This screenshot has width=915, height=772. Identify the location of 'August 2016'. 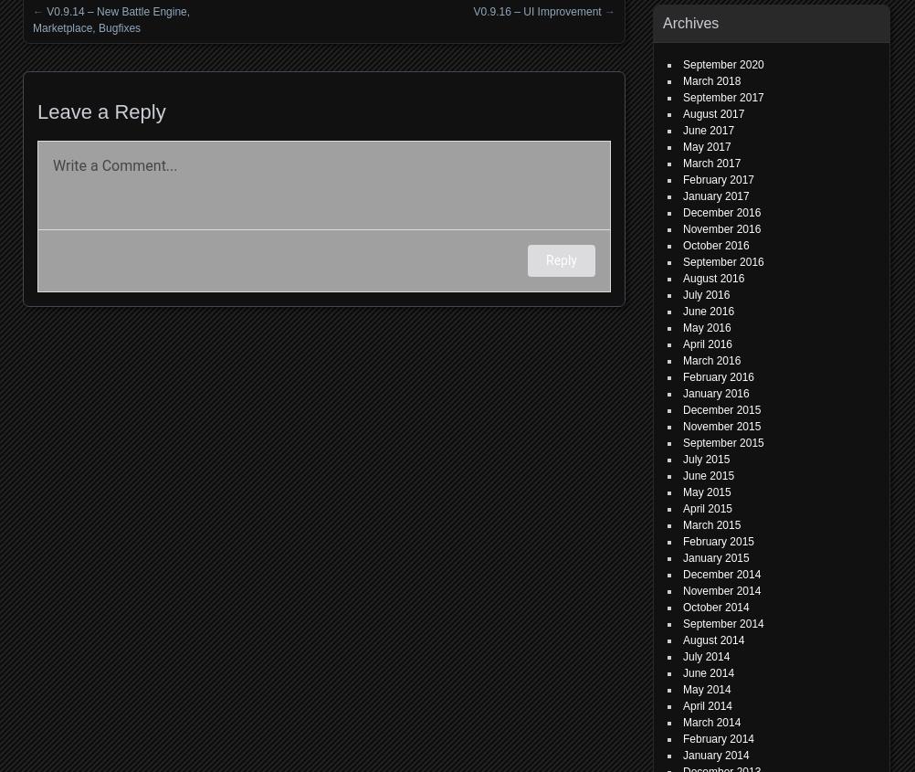
(682, 278).